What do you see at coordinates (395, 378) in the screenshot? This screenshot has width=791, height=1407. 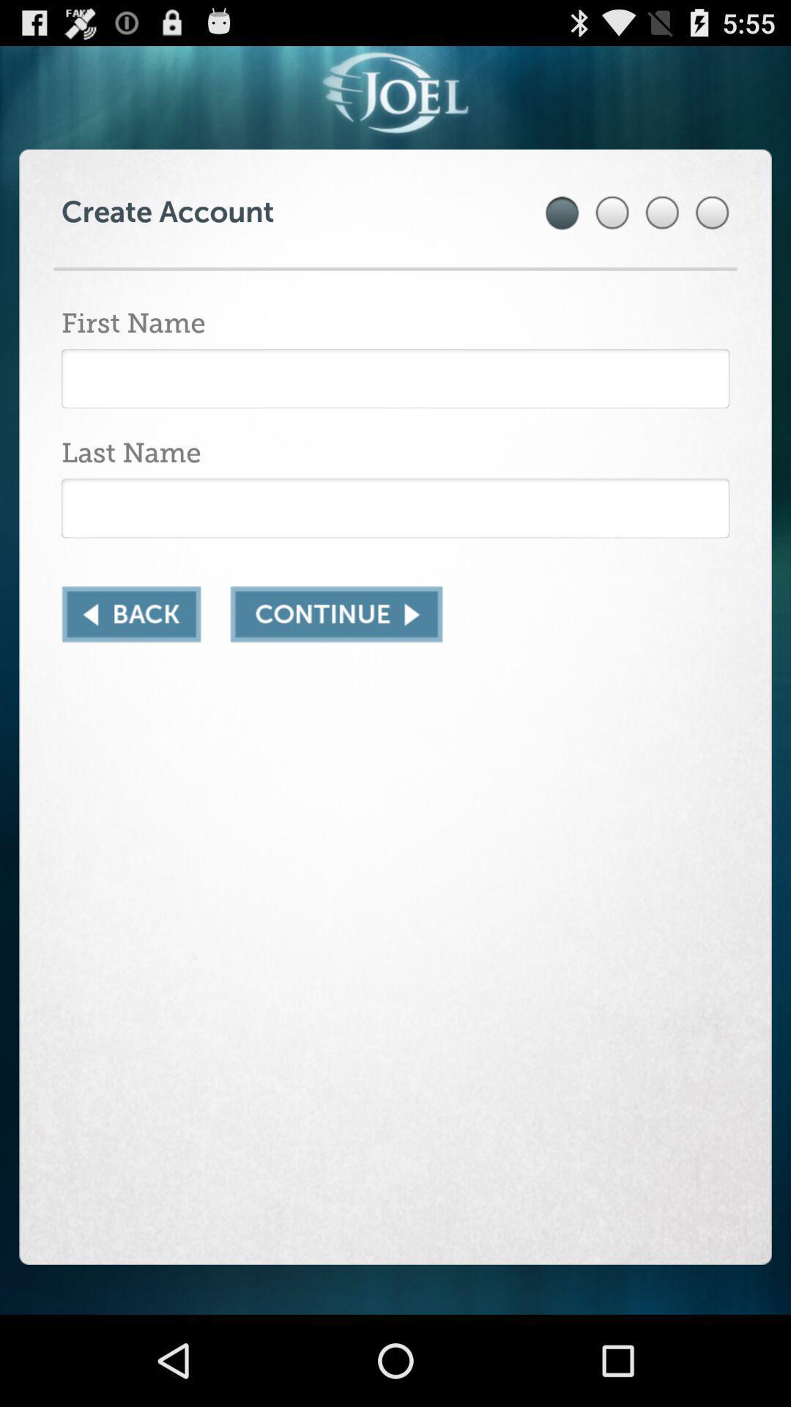 I see `first name below the circle` at bounding box center [395, 378].